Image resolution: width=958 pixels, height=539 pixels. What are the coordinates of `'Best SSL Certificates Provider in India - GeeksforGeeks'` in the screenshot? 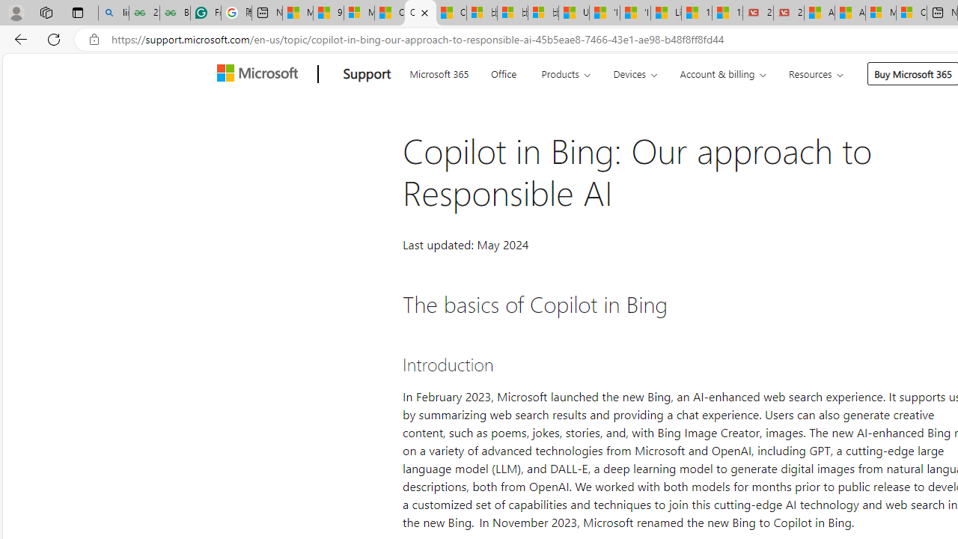 It's located at (174, 13).